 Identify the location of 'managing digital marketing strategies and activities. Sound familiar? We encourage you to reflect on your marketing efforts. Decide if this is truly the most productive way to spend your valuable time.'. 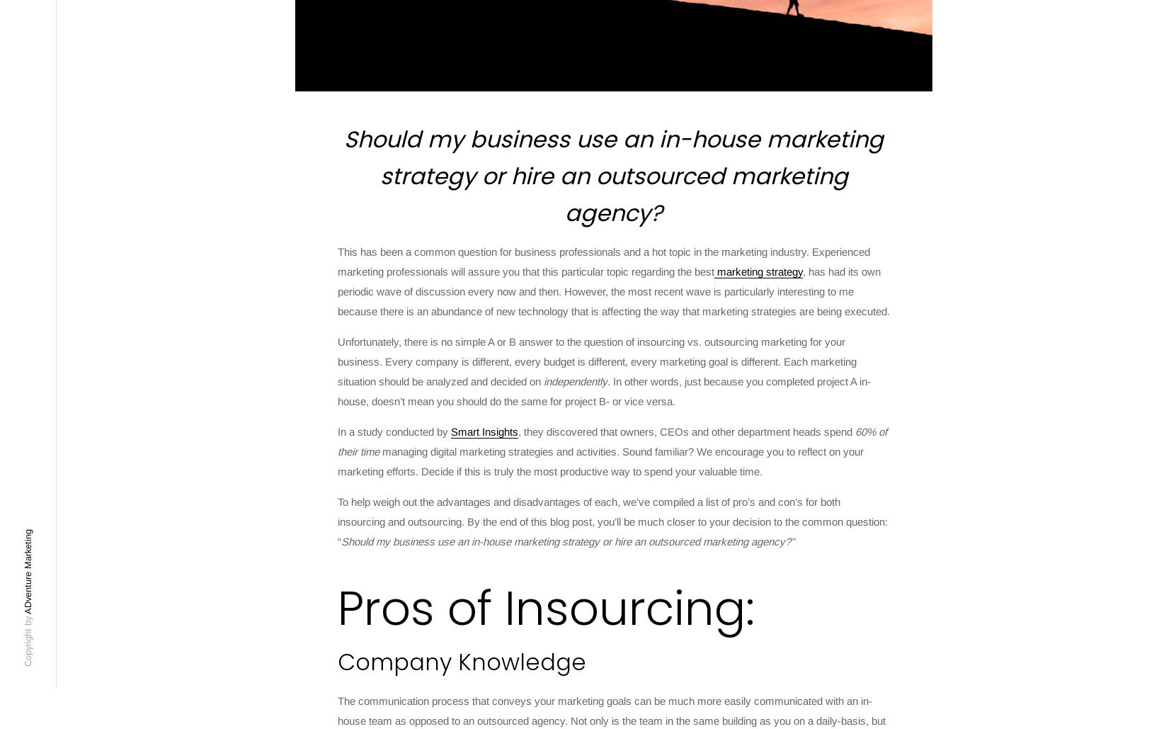
(600, 461).